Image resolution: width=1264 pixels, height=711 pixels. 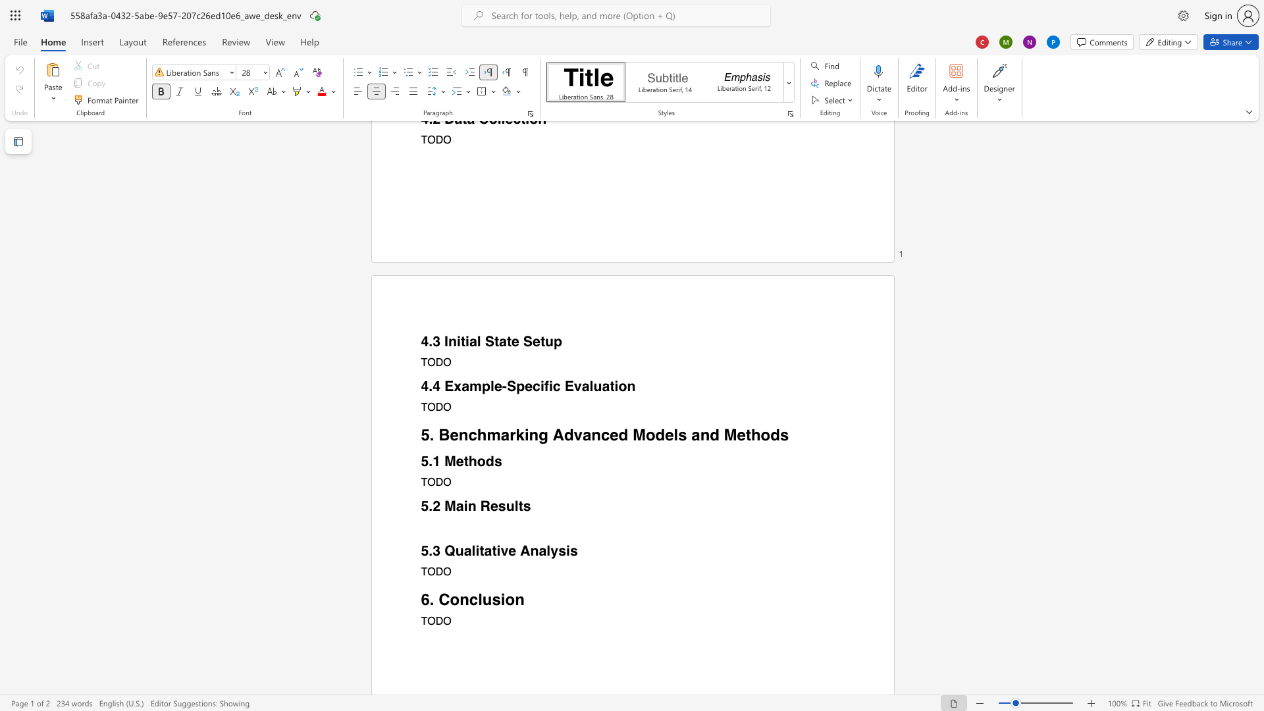 What do you see at coordinates (539, 551) in the screenshot?
I see `the subset text "al" within the text "5.3 Qualitative Analysis"` at bounding box center [539, 551].